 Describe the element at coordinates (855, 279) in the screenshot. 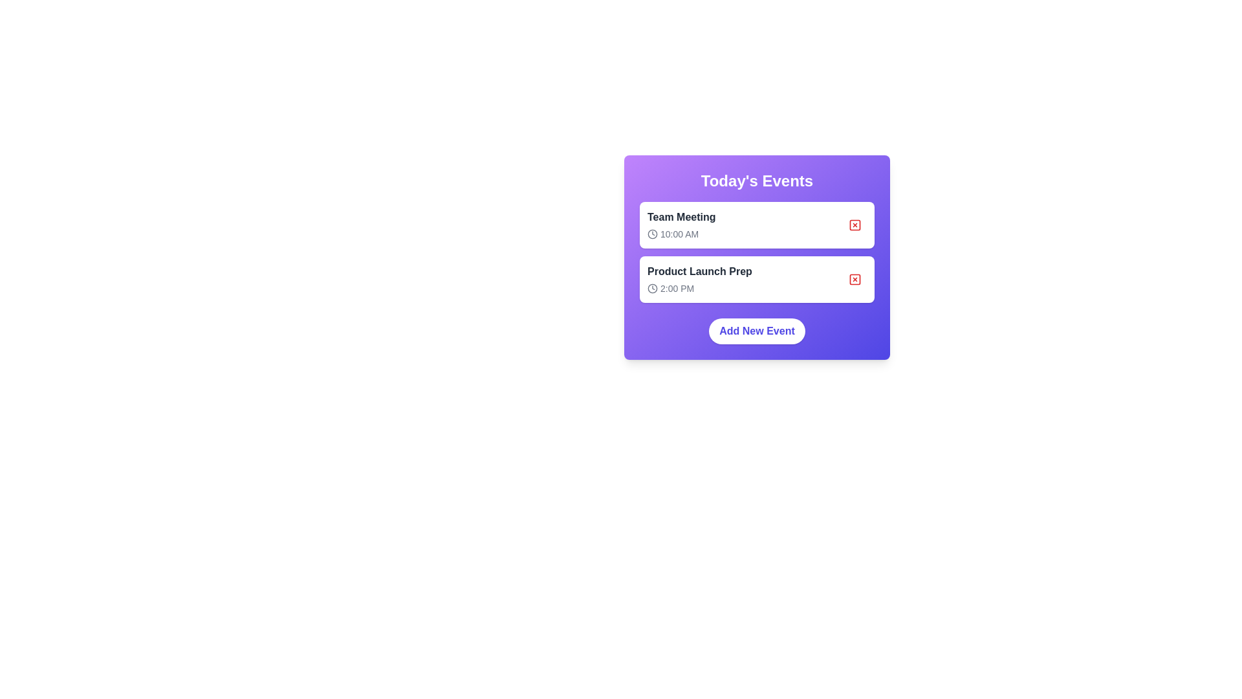

I see `the delete icon located to the right of 'Product Launch Prep' in the second row of the 'Today's Events' list` at that location.